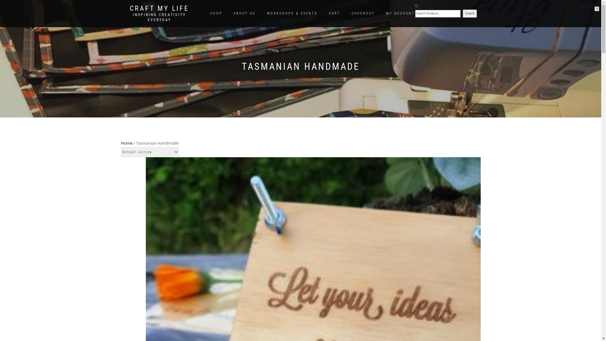 This screenshot has height=341, width=606. I want to click on 'INSPIRING CREATIVITY EVERYDAY', so click(159, 17).